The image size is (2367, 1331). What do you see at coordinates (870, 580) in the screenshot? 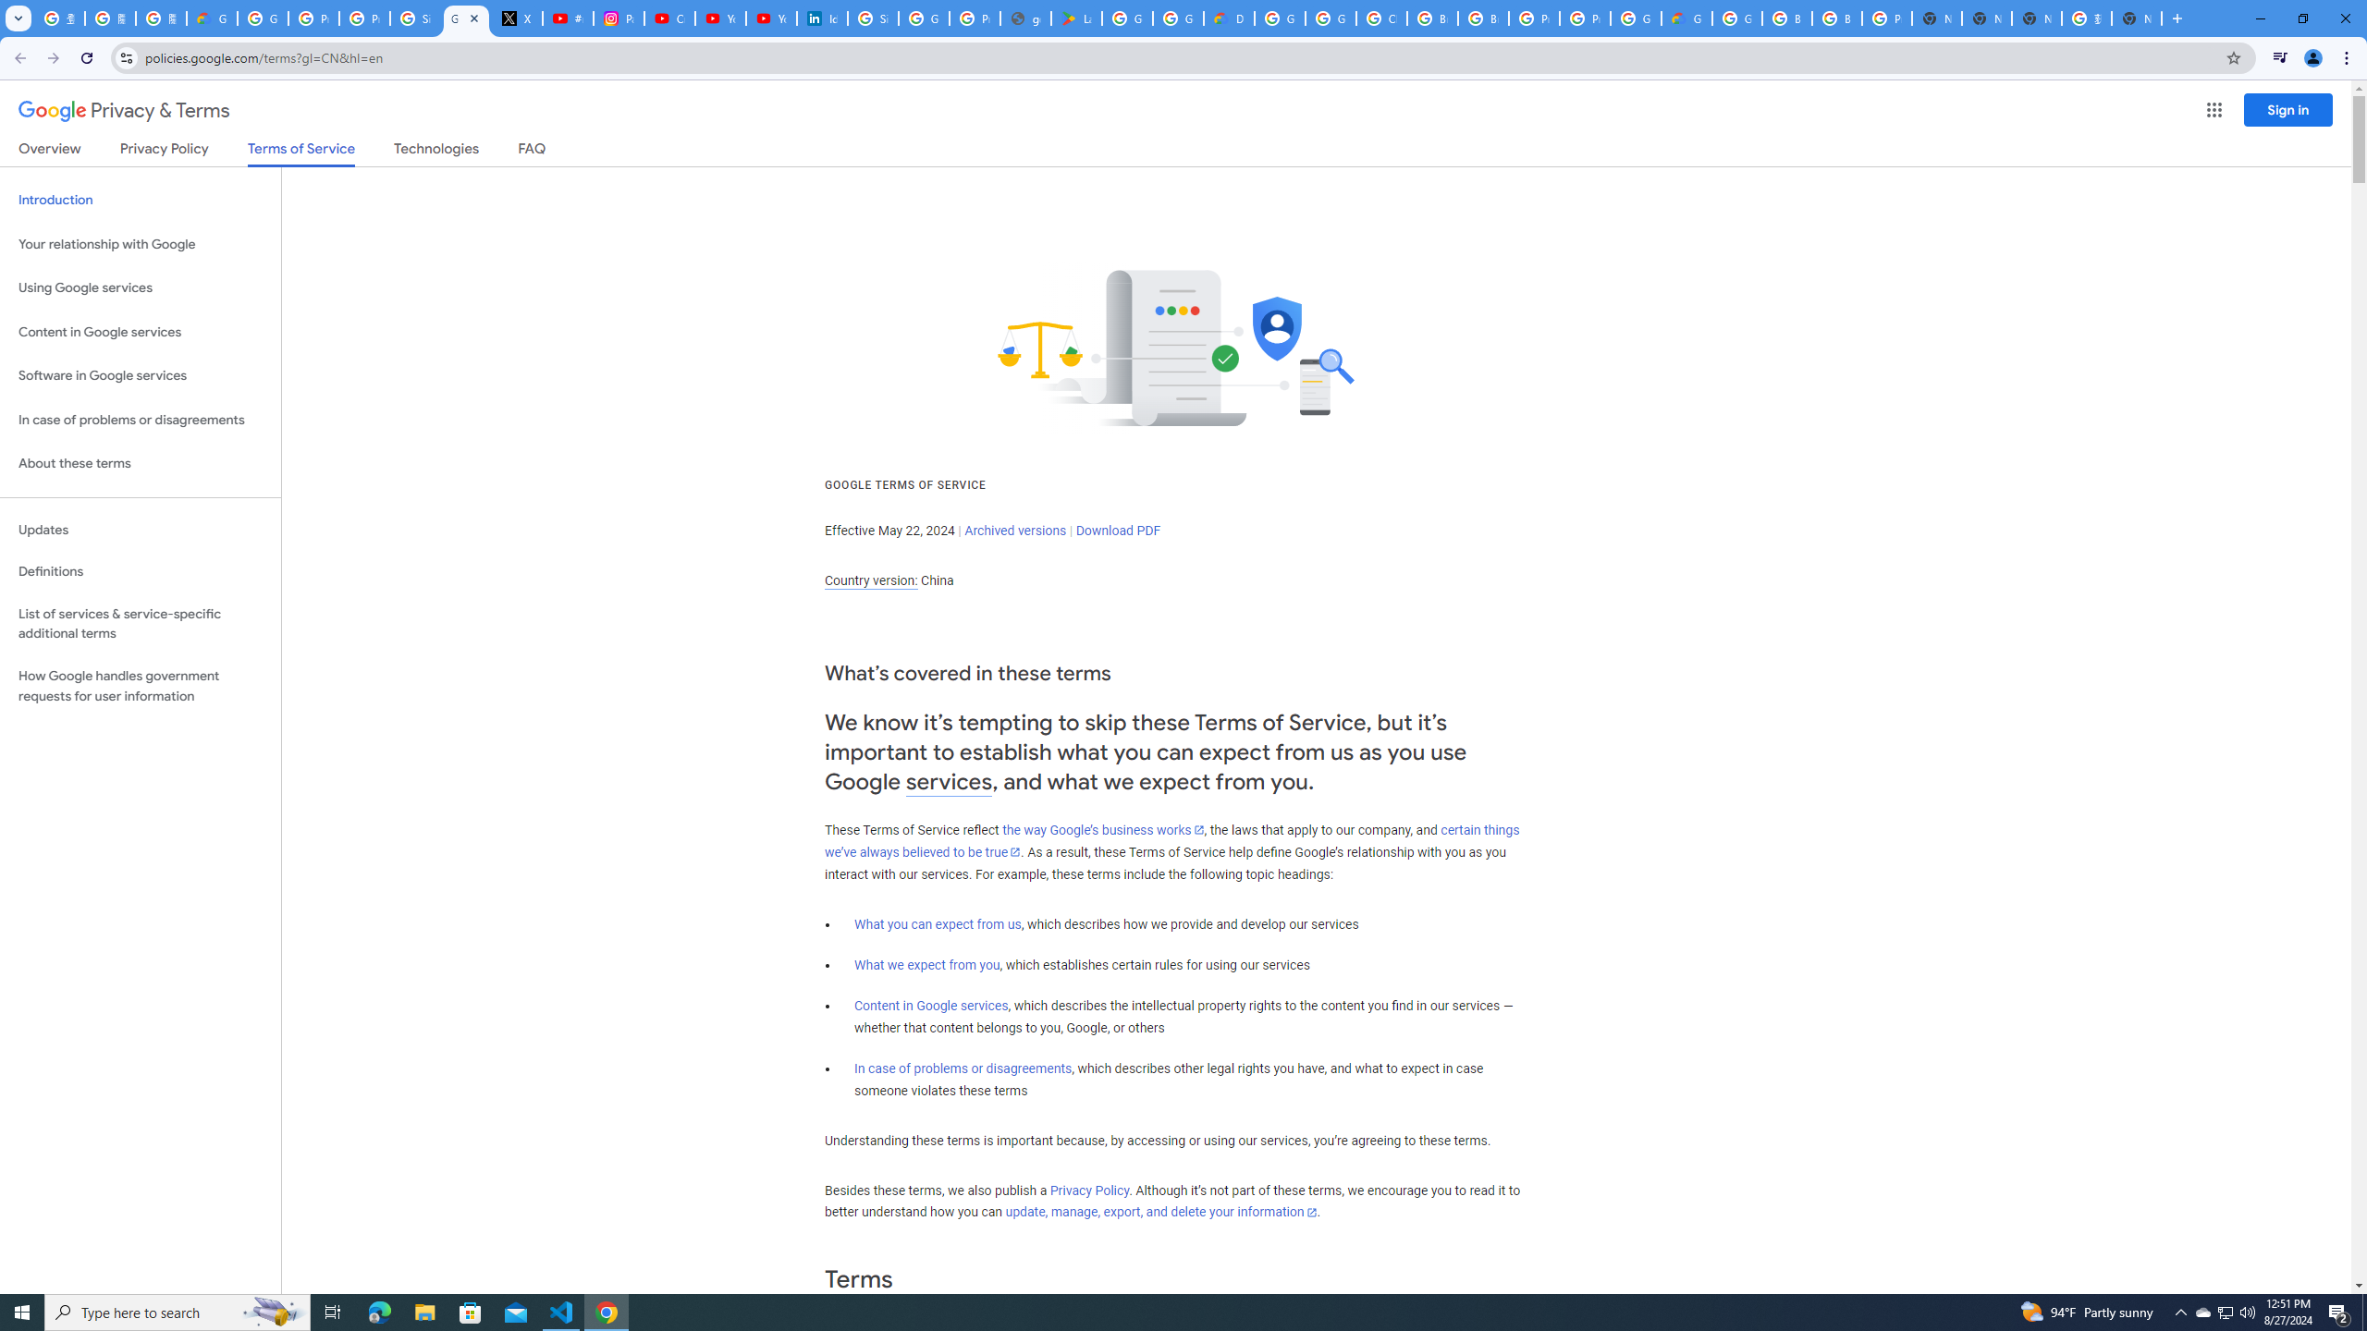
I see `'Country version:'` at bounding box center [870, 580].